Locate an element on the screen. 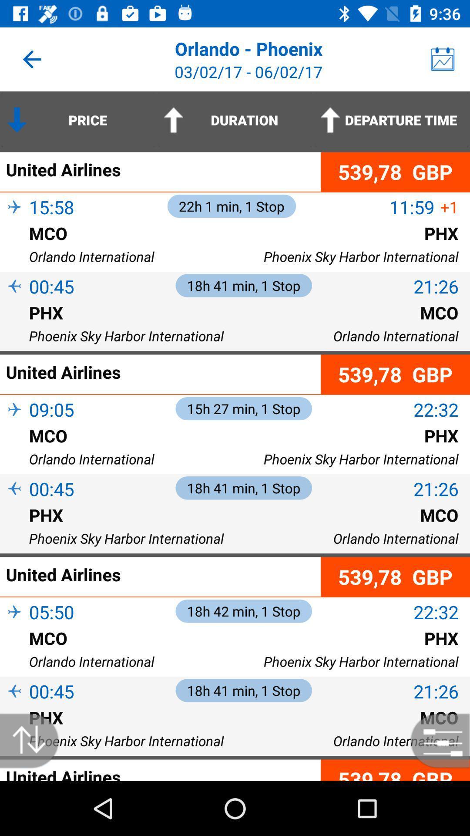  the sliders icon is located at coordinates (436, 740).